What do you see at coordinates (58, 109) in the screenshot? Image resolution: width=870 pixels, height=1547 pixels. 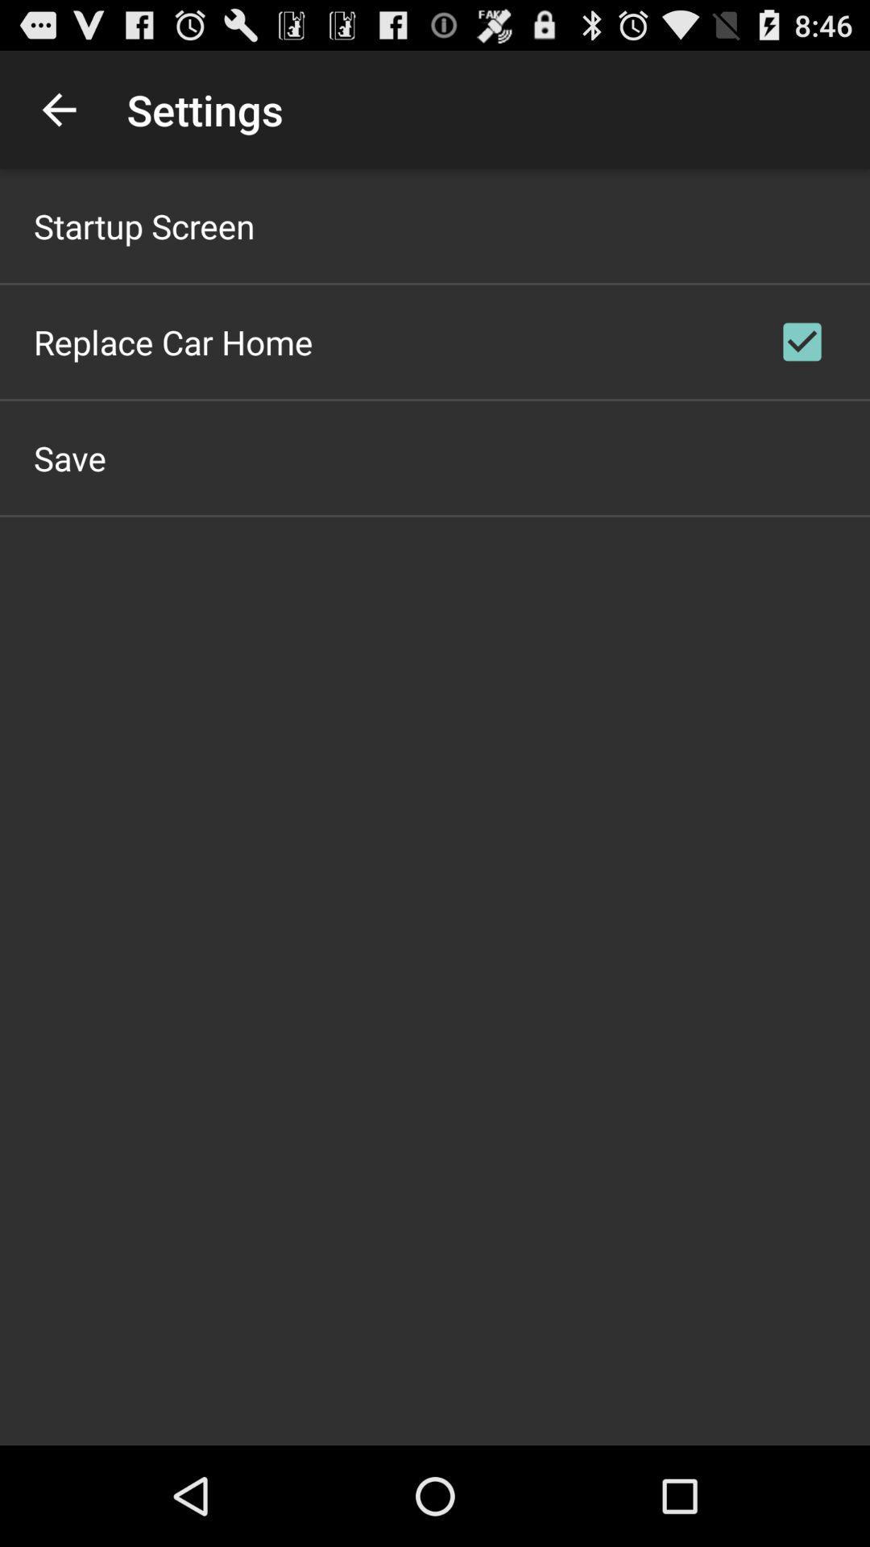 I see `icon above the startup screen icon` at bounding box center [58, 109].